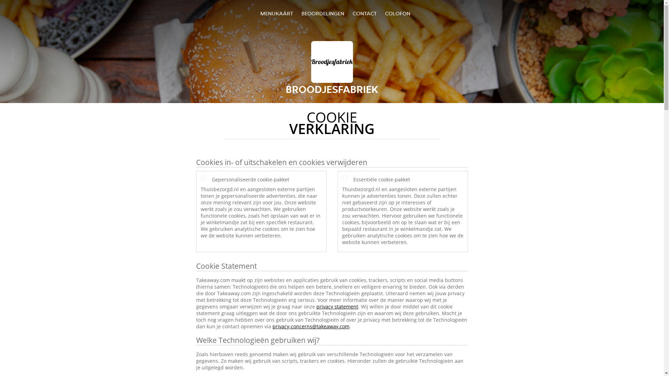 The height and width of the screenshot is (376, 669). What do you see at coordinates (337, 306) in the screenshot?
I see `'privacy statement'` at bounding box center [337, 306].